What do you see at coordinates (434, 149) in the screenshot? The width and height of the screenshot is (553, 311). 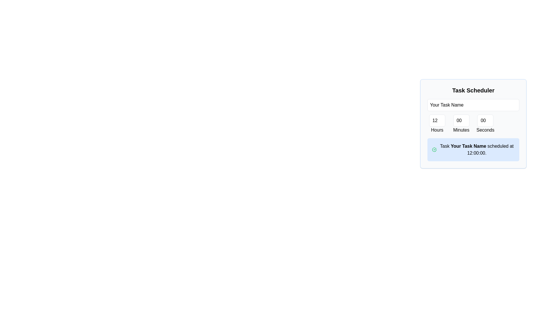 I see `icon that visually indicates confirmation or success related to the task text located to the far left of 'Task Your Task Name scheduled at 12:00:00.'` at bounding box center [434, 149].